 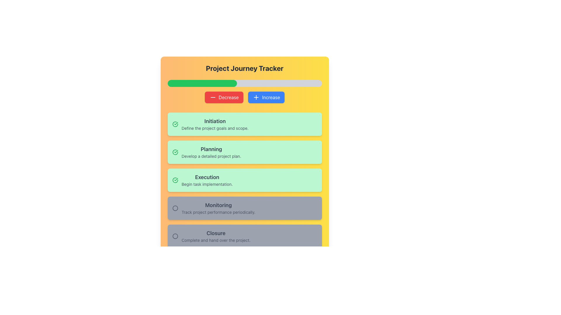 I want to click on the green circular outline icon with a checkmark in the center, located in the 'Planning' section adjacent to the text 'Planning' and 'Develop a detailed project plan', so click(x=175, y=152).